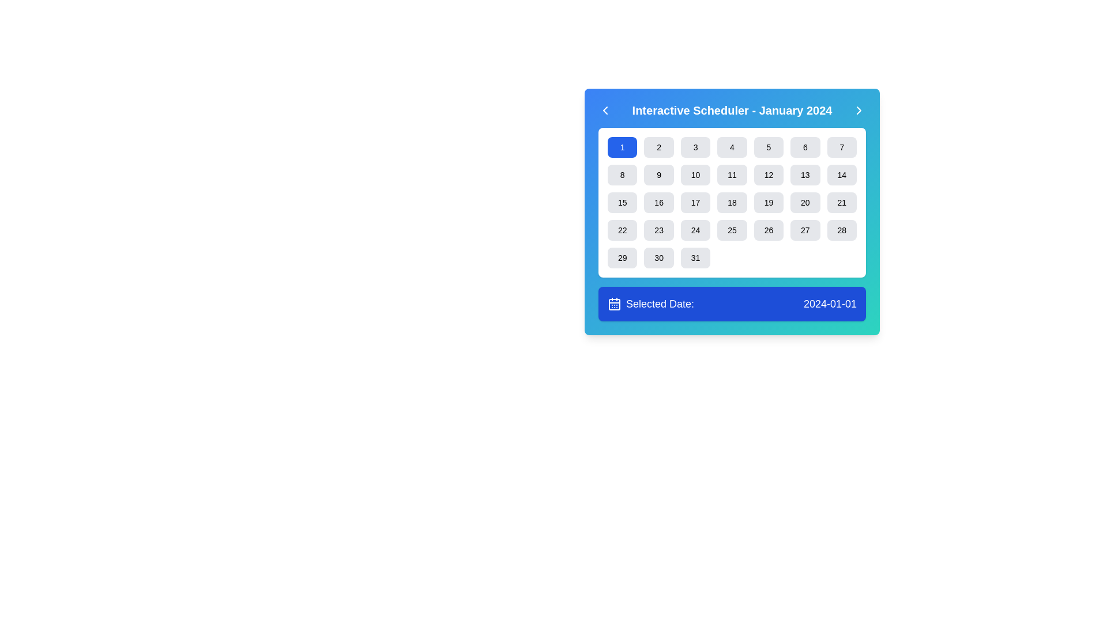 Image resolution: width=1107 pixels, height=622 pixels. I want to click on the rectangular button with rounded corners containing the number '29', so click(622, 257).